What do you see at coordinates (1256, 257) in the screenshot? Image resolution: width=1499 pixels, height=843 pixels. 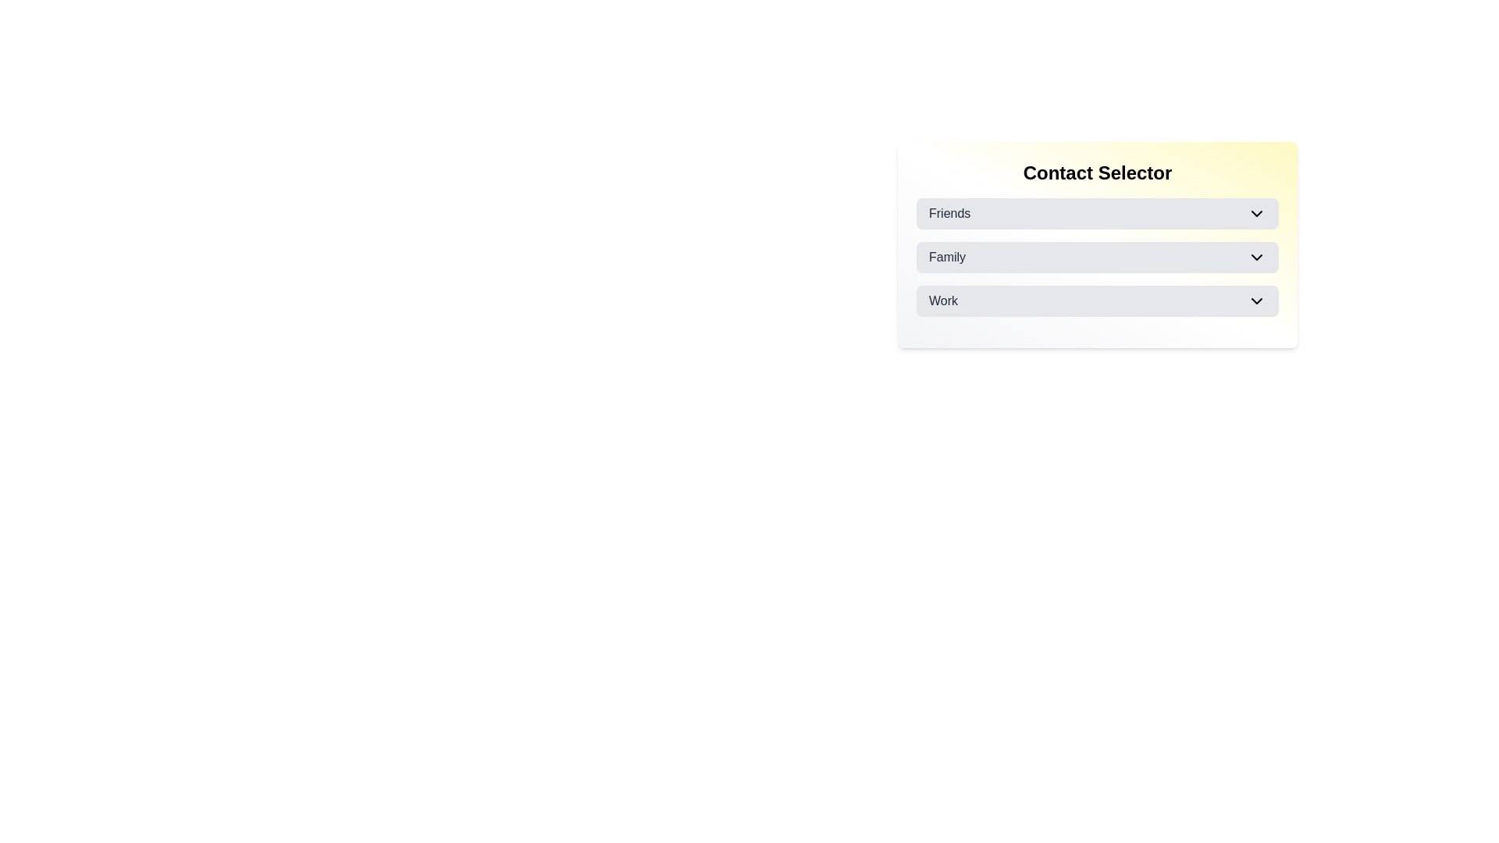 I see `the dropdown icon located at the far right side of the 'Family' row` at bounding box center [1256, 257].